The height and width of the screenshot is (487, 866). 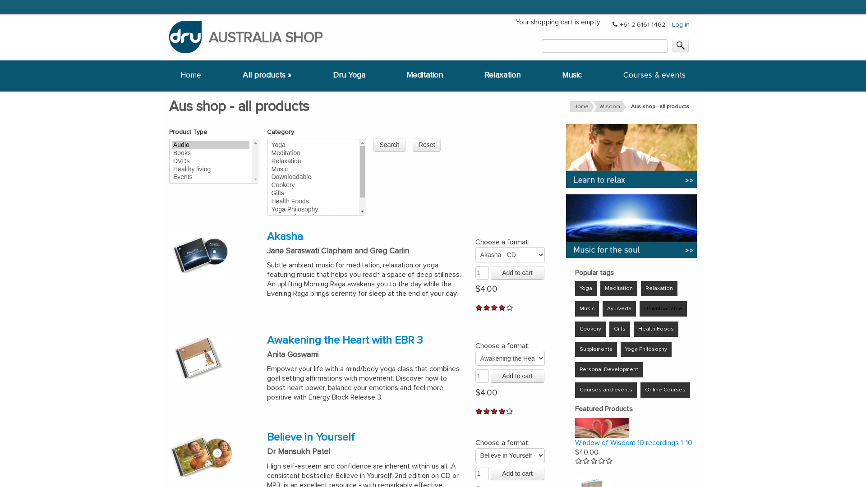 What do you see at coordinates (575, 460) in the screenshot?
I see `'Give Window of Wisdom 10 recordings 1-10 1/5'` at bounding box center [575, 460].